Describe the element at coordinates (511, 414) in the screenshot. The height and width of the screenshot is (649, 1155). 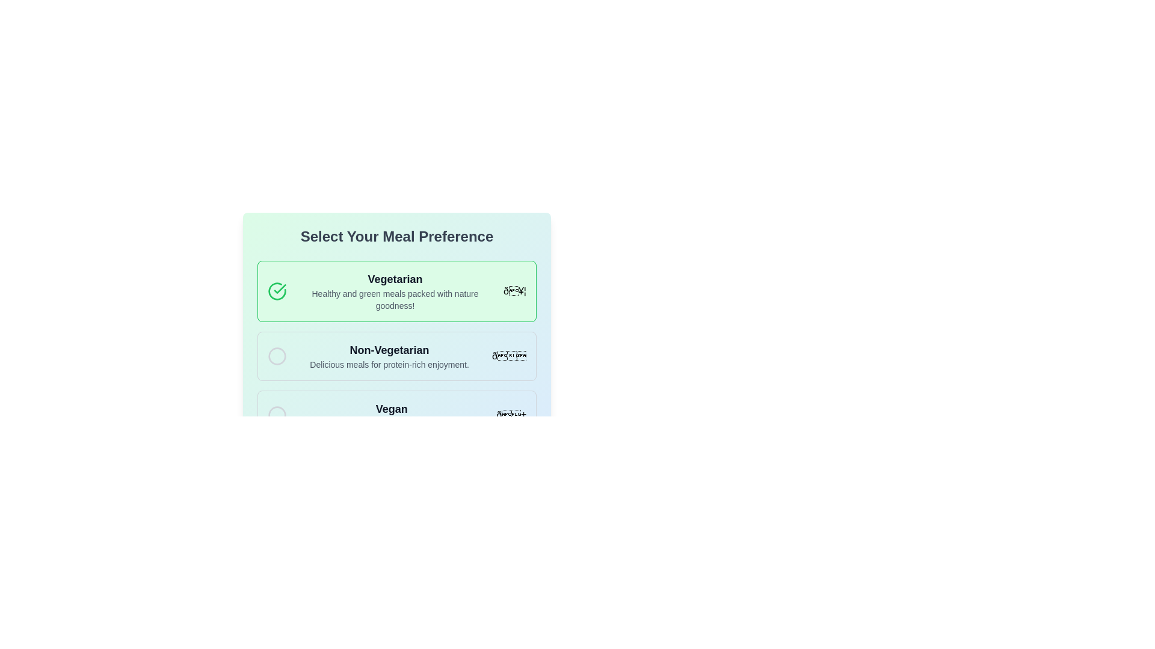
I see `the decorative text or icon representing 'ð±' associated with the 'Vegan' meal preference in the options list` at that location.